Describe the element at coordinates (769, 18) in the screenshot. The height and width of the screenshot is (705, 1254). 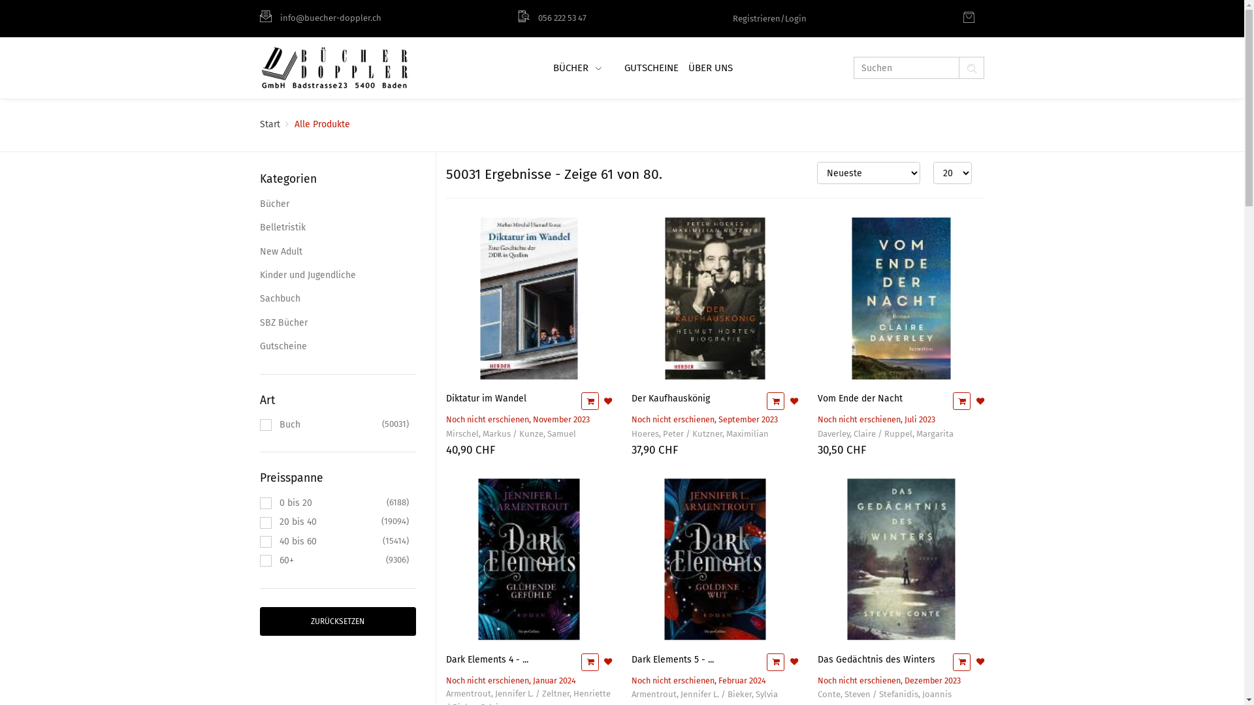
I see `'Registrieren/Login'` at that location.